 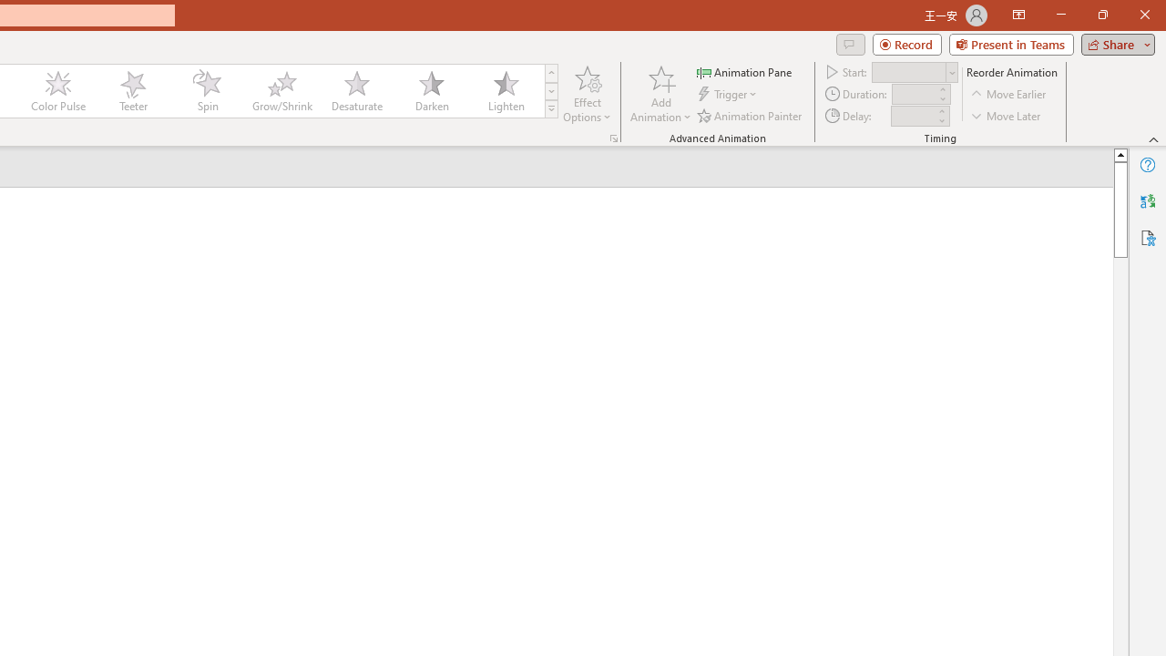 I want to click on 'Desaturate', so click(x=356, y=91).